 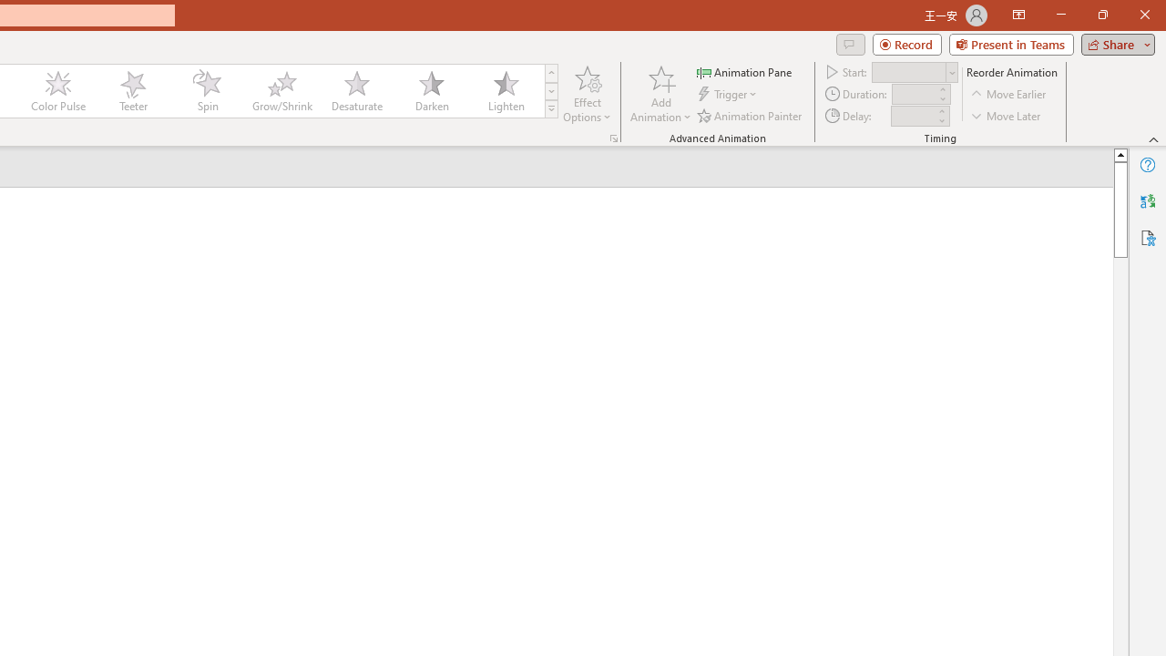 I want to click on 'Desaturate', so click(x=356, y=91).